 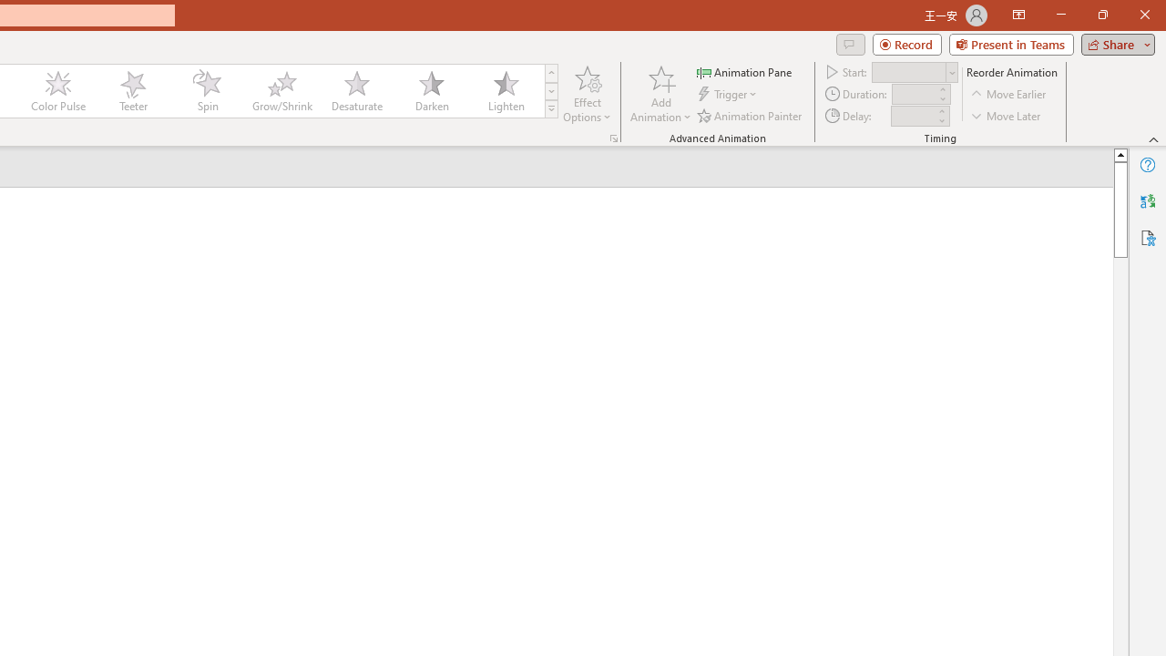 I want to click on 'Desaturate', so click(x=356, y=91).